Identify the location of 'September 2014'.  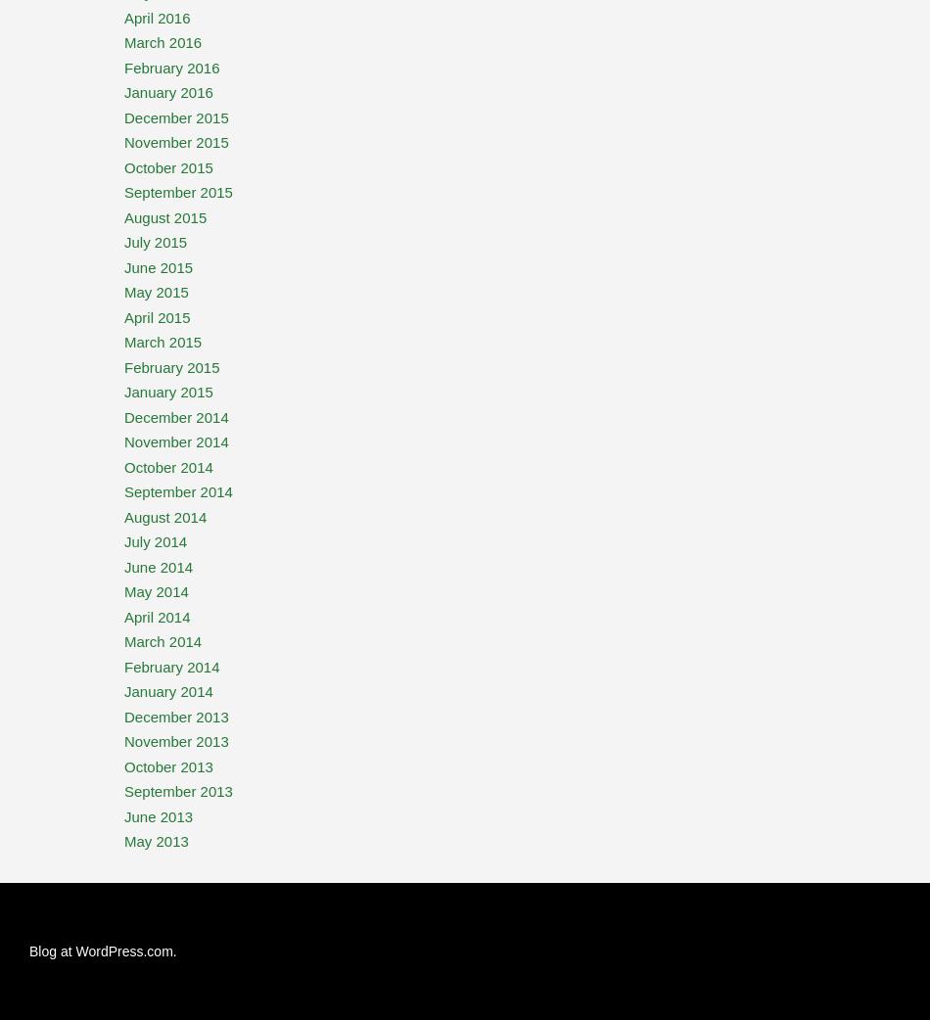
(178, 491).